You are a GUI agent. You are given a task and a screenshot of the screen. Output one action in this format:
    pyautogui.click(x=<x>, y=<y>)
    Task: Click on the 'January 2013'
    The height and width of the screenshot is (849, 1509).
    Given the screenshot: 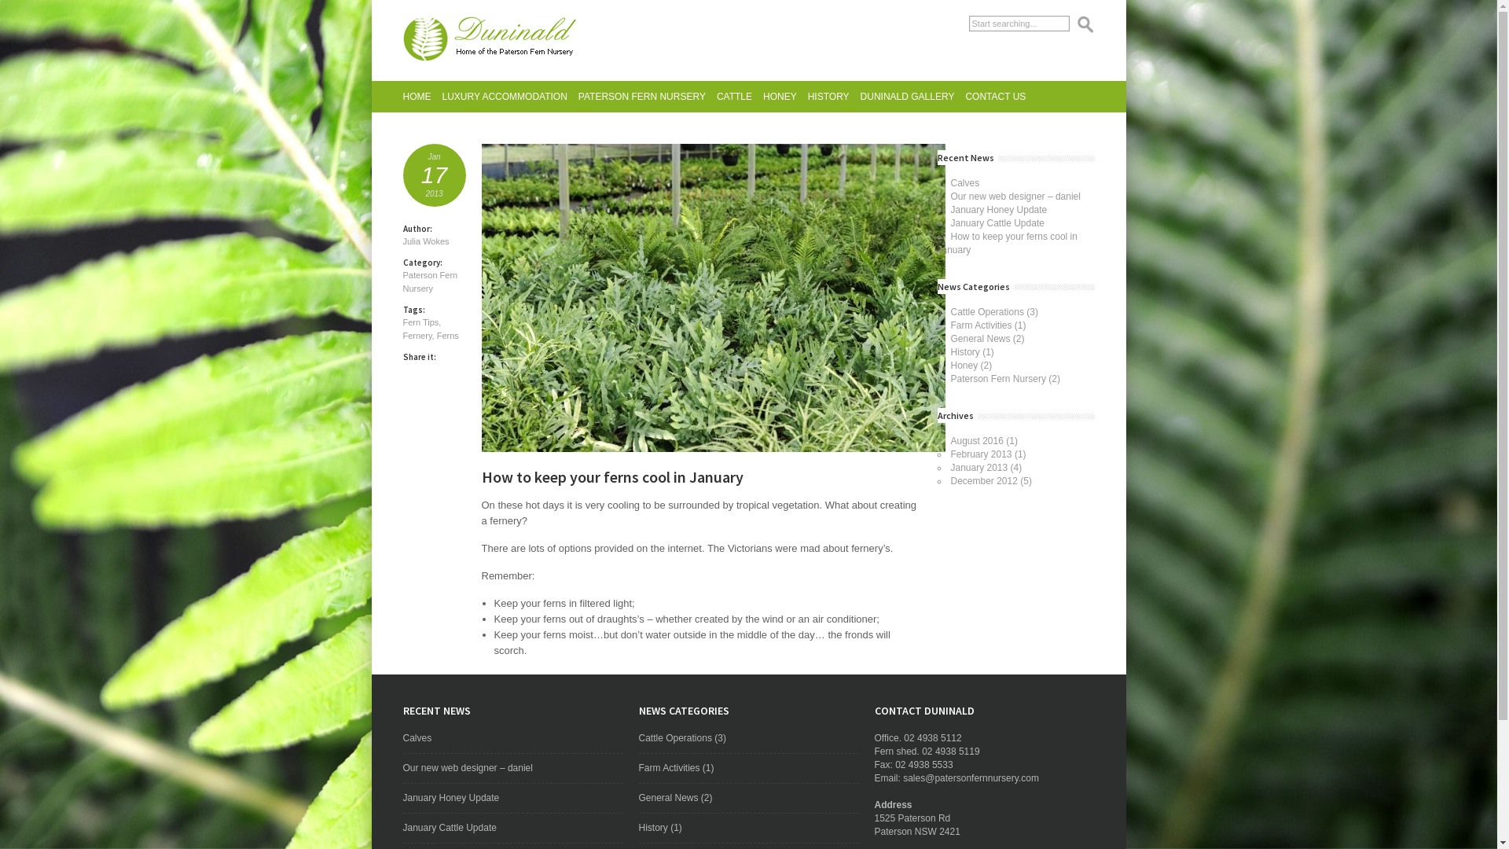 What is the action you would take?
    pyautogui.click(x=978, y=466)
    